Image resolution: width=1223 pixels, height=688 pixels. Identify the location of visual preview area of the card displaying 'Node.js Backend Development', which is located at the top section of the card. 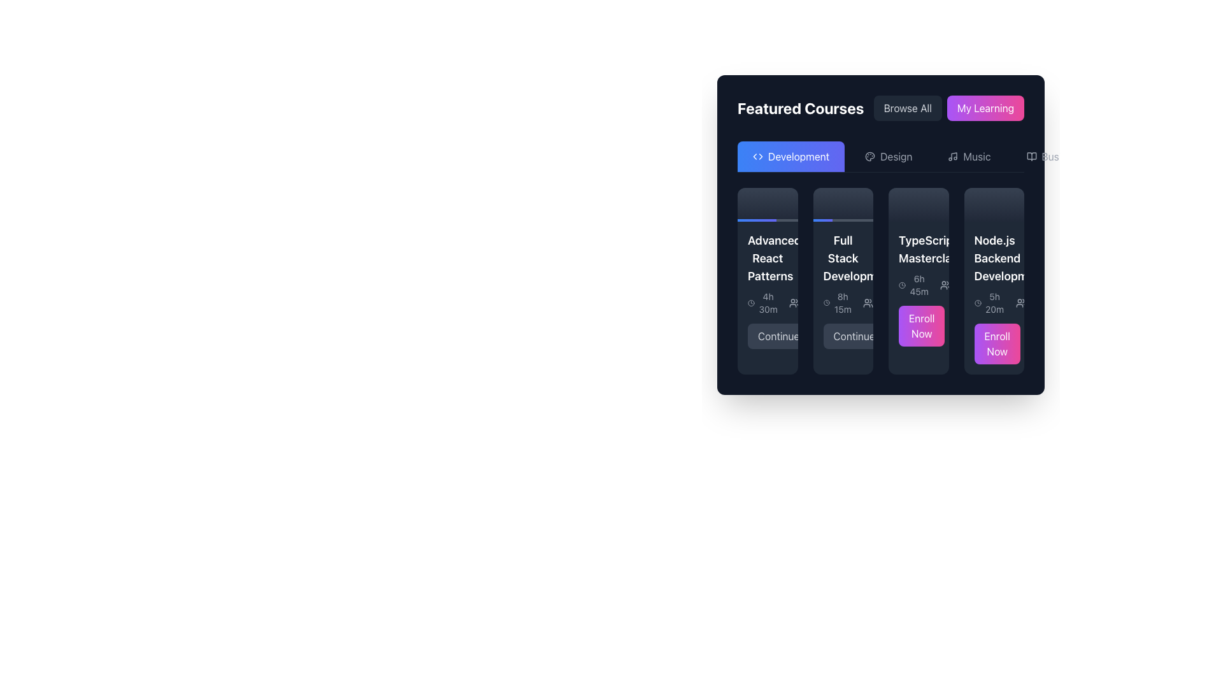
(993, 204).